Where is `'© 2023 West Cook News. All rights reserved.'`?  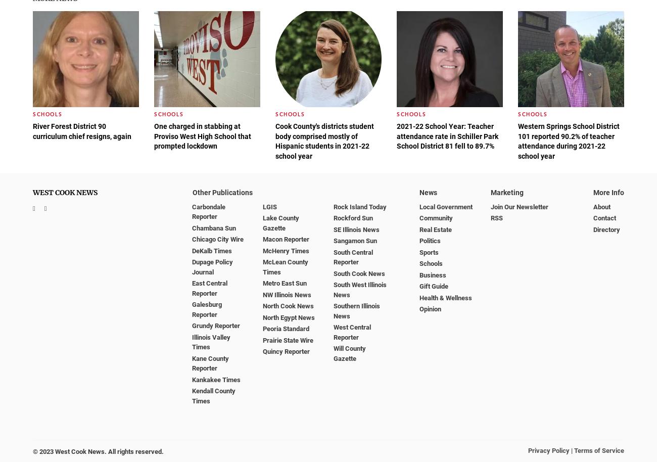 '© 2023 West Cook News. All rights reserved.' is located at coordinates (98, 451).